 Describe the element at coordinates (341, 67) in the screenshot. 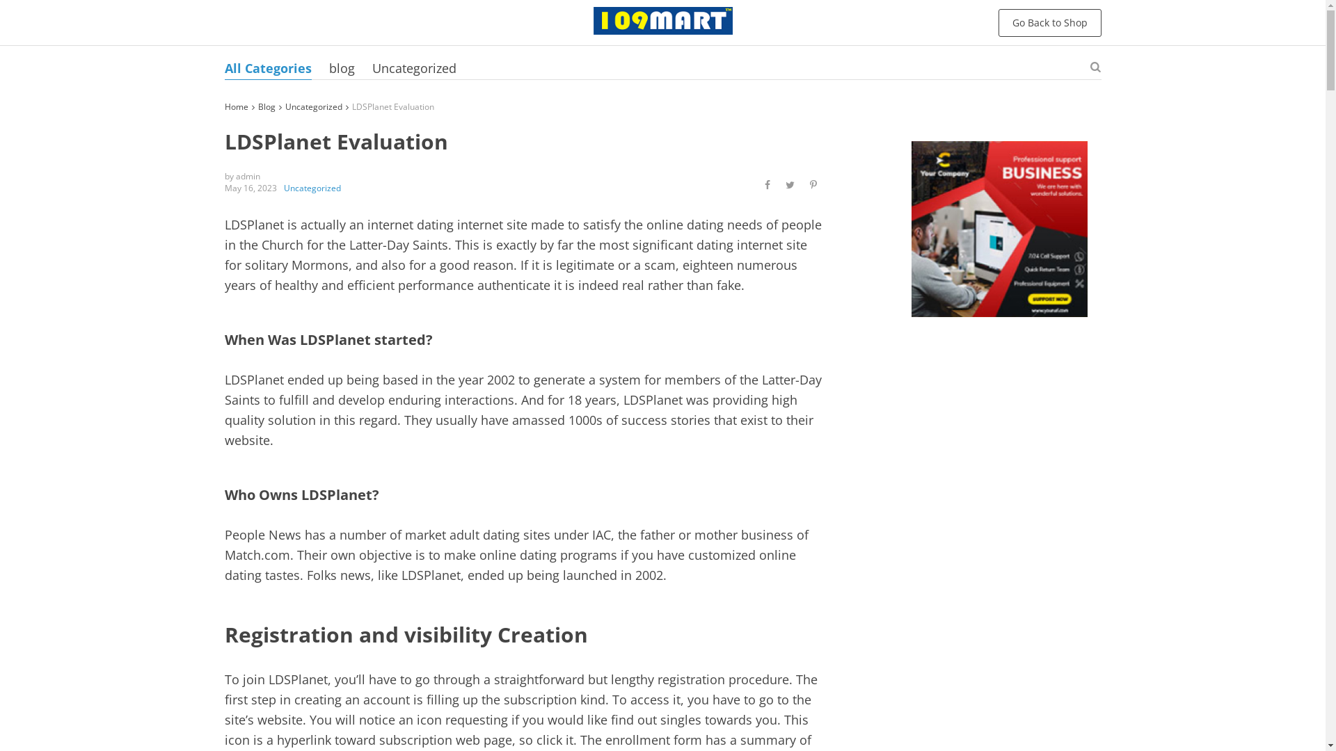

I see `'blog'` at that location.